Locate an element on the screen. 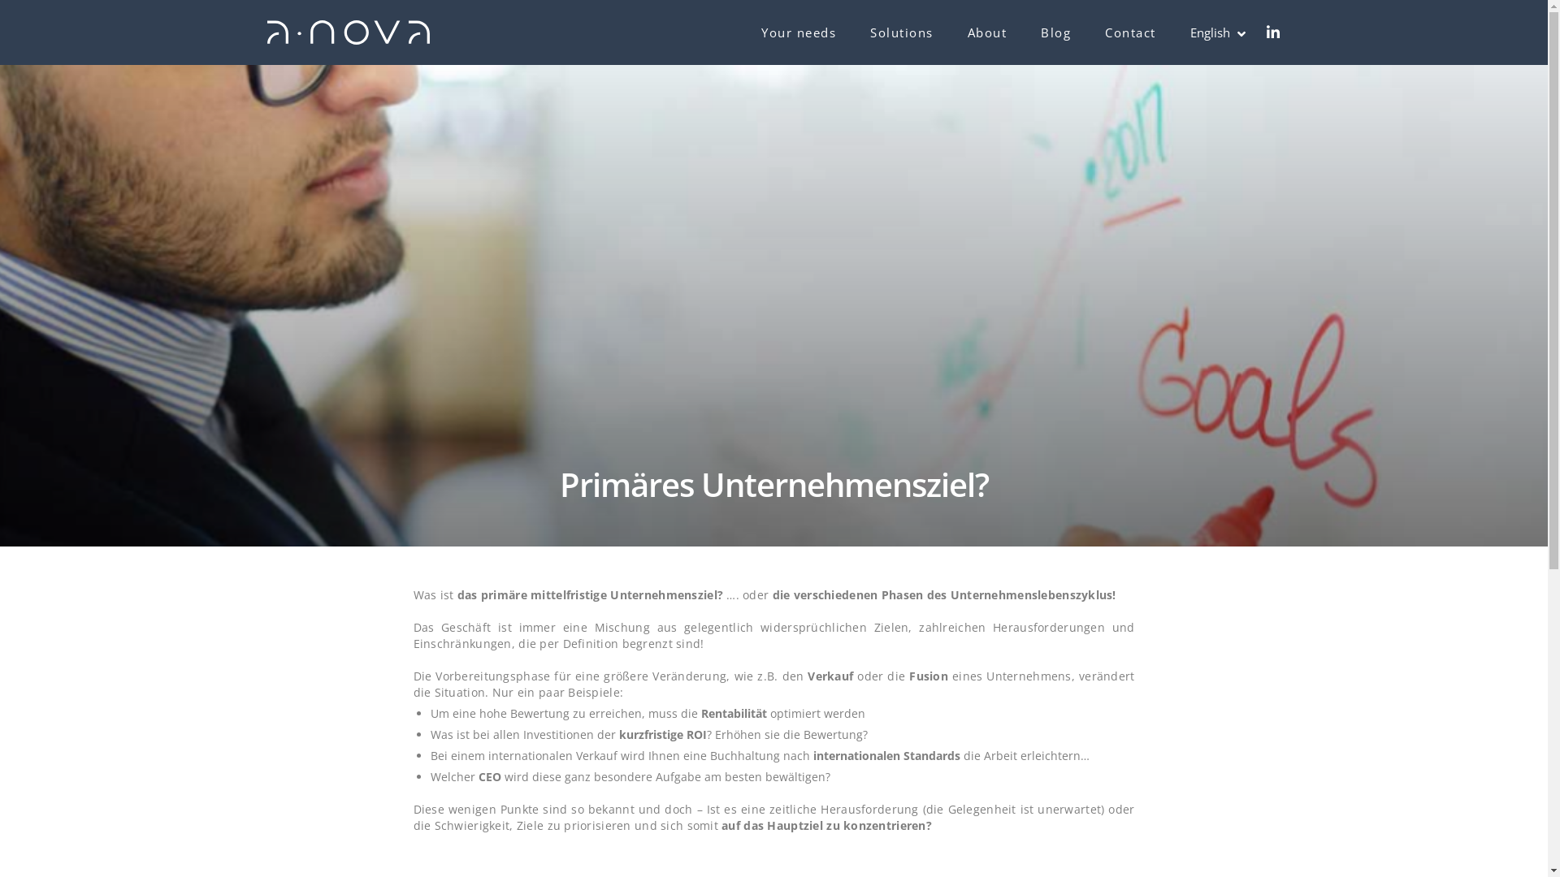 The image size is (1560, 877). 'Your needs' is located at coordinates (557, 585).